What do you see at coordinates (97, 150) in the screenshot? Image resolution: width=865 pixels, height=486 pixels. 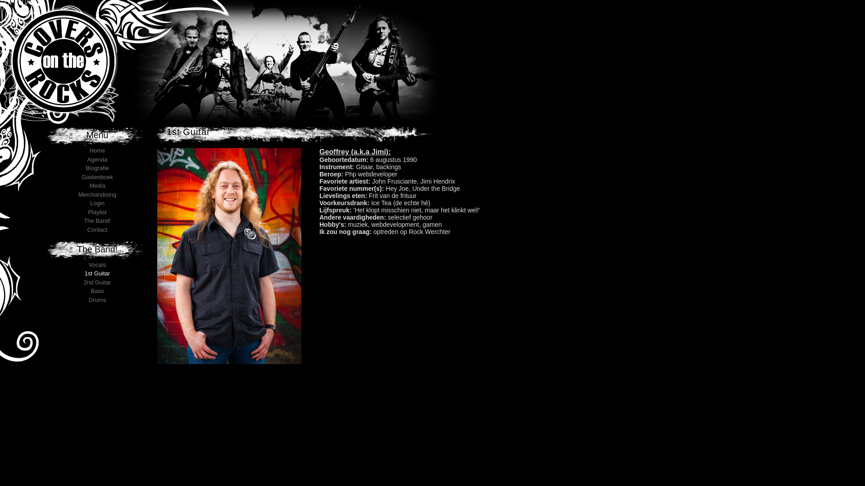 I see `'Home'` at bounding box center [97, 150].